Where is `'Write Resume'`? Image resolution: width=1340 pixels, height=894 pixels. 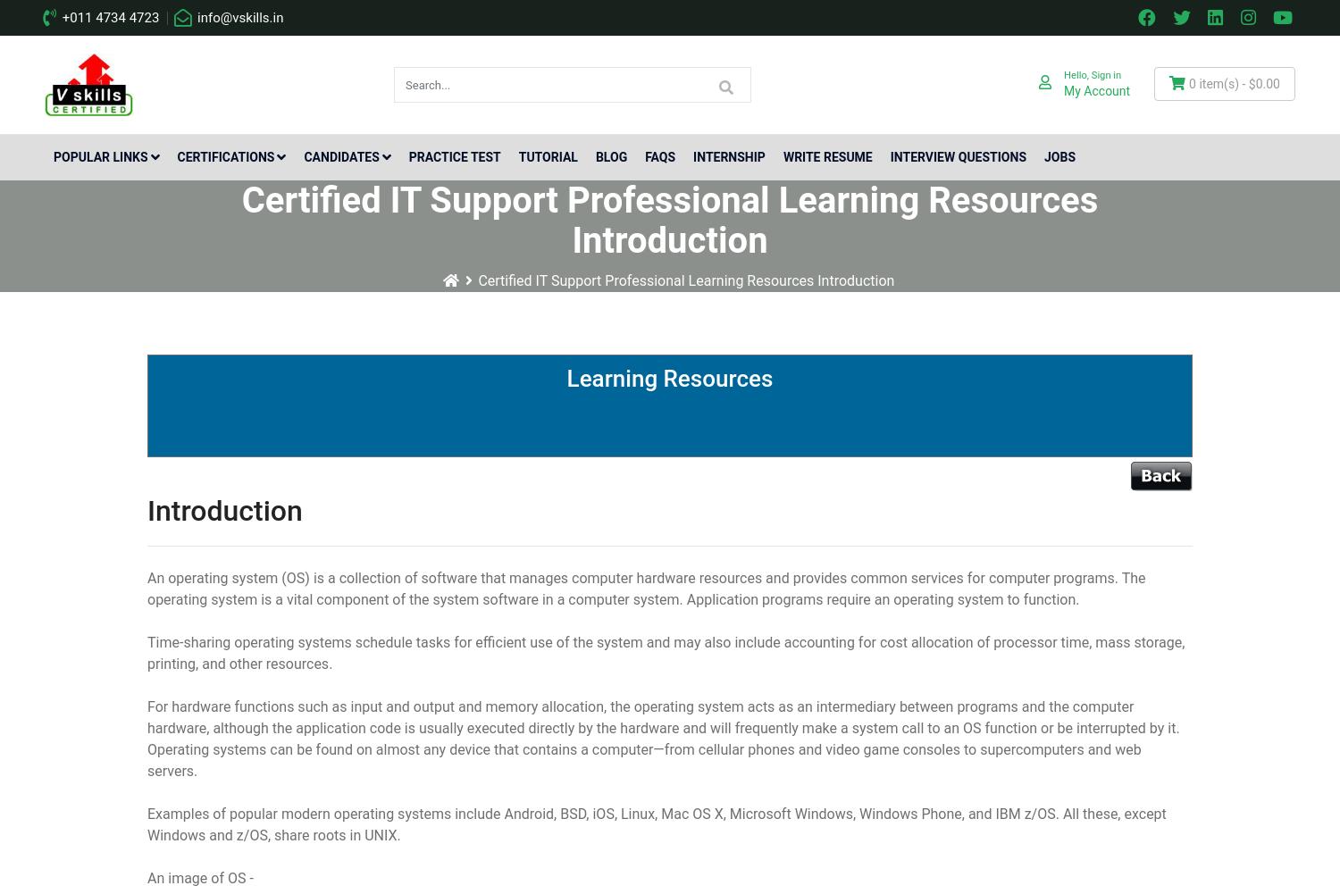
'Write Resume' is located at coordinates (826, 156).